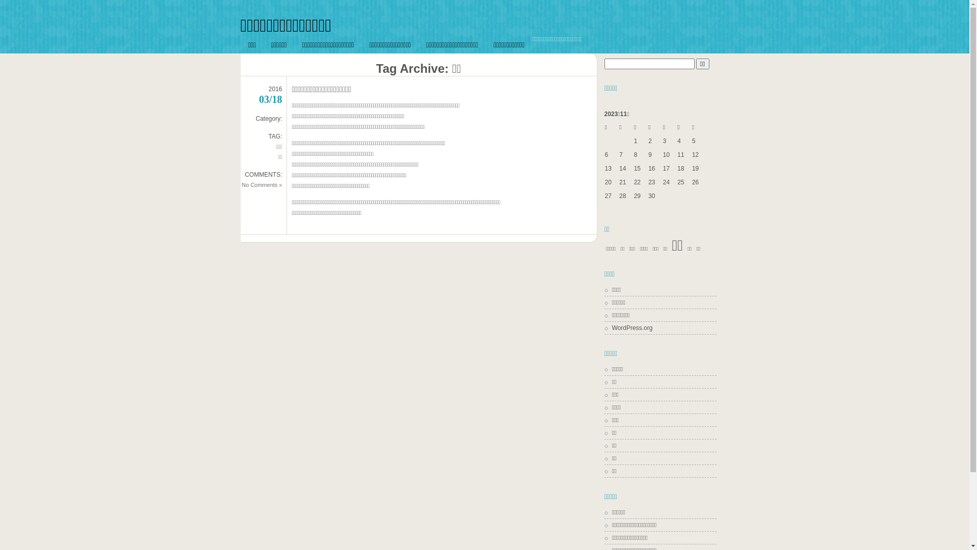 This screenshot has height=550, width=977. I want to click on 'WordPress.org', so click(628, 328).